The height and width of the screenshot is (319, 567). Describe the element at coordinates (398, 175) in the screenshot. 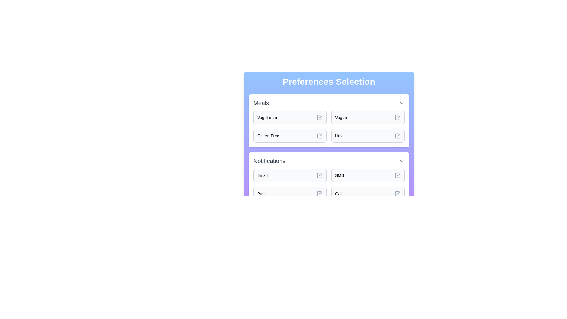

I see `the Checkbox with a checkmark symbol inside, located in the 'SMS' option section under the 'Notifications' category` at that location.